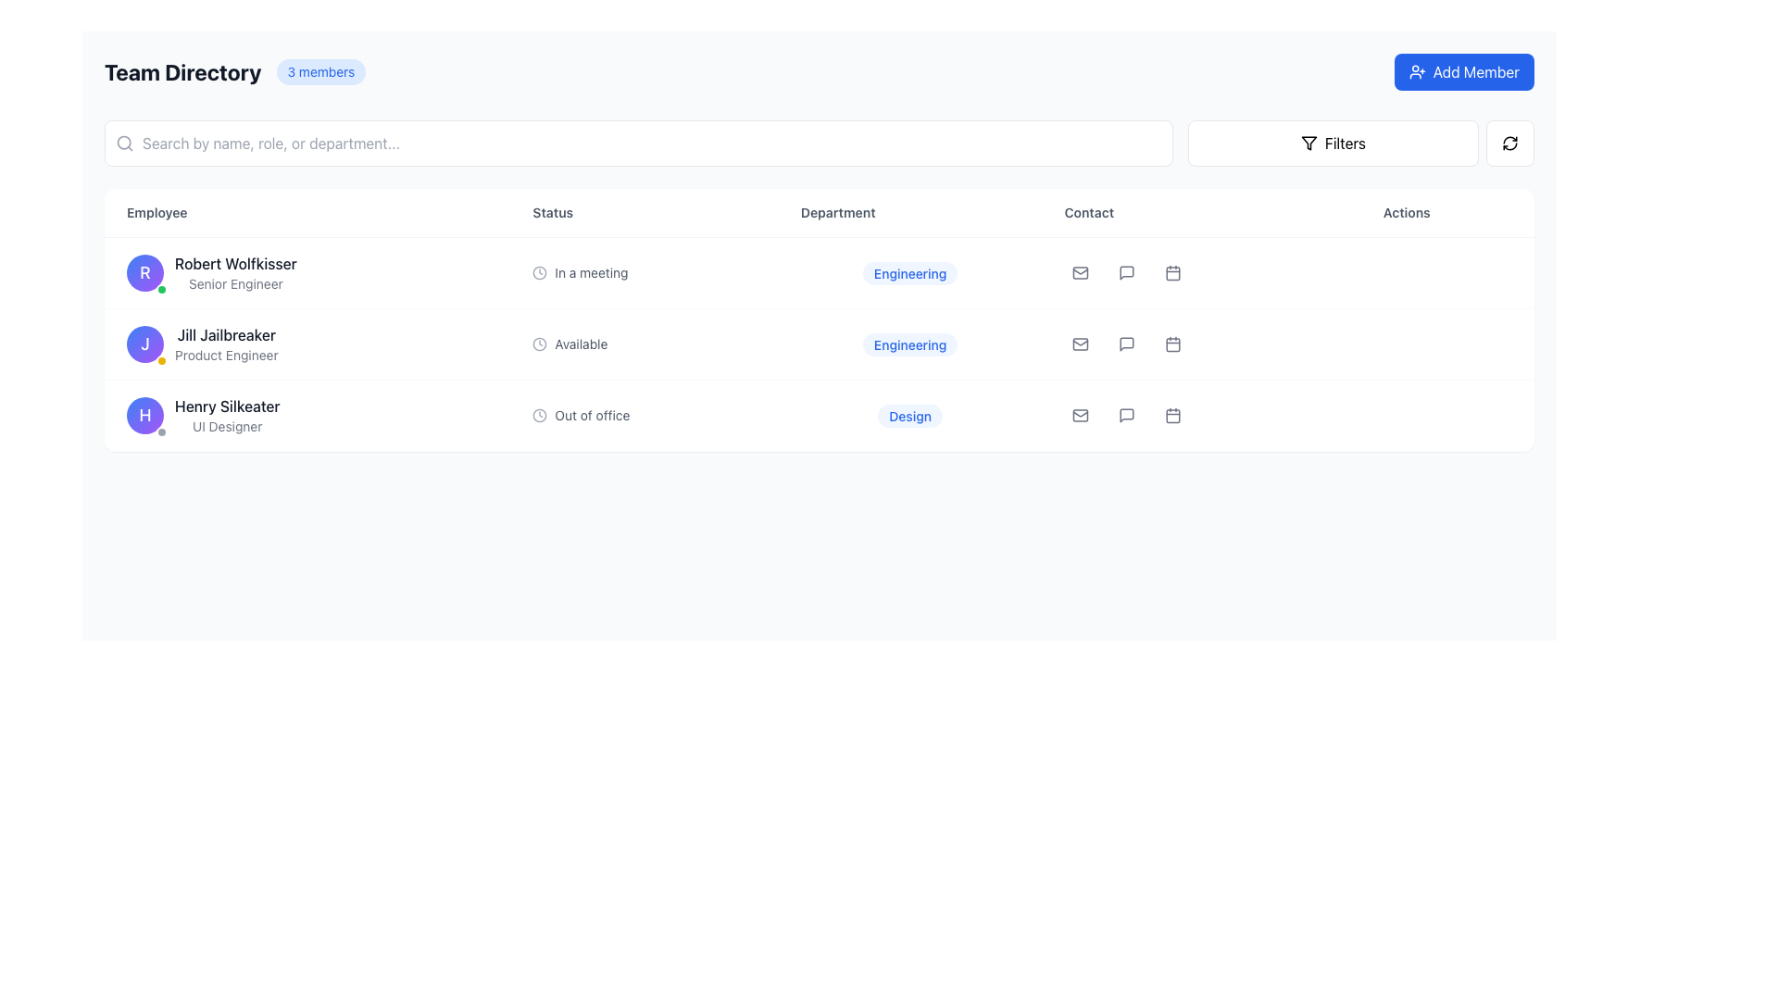  What do you see at coordinates (144, 414) in the screenshot?
I see `the circular profile icon with a gradient background featuring a white 'H' character, representing 'Henry Silkeater' in the Employee column` at bounding box center [144, 414].